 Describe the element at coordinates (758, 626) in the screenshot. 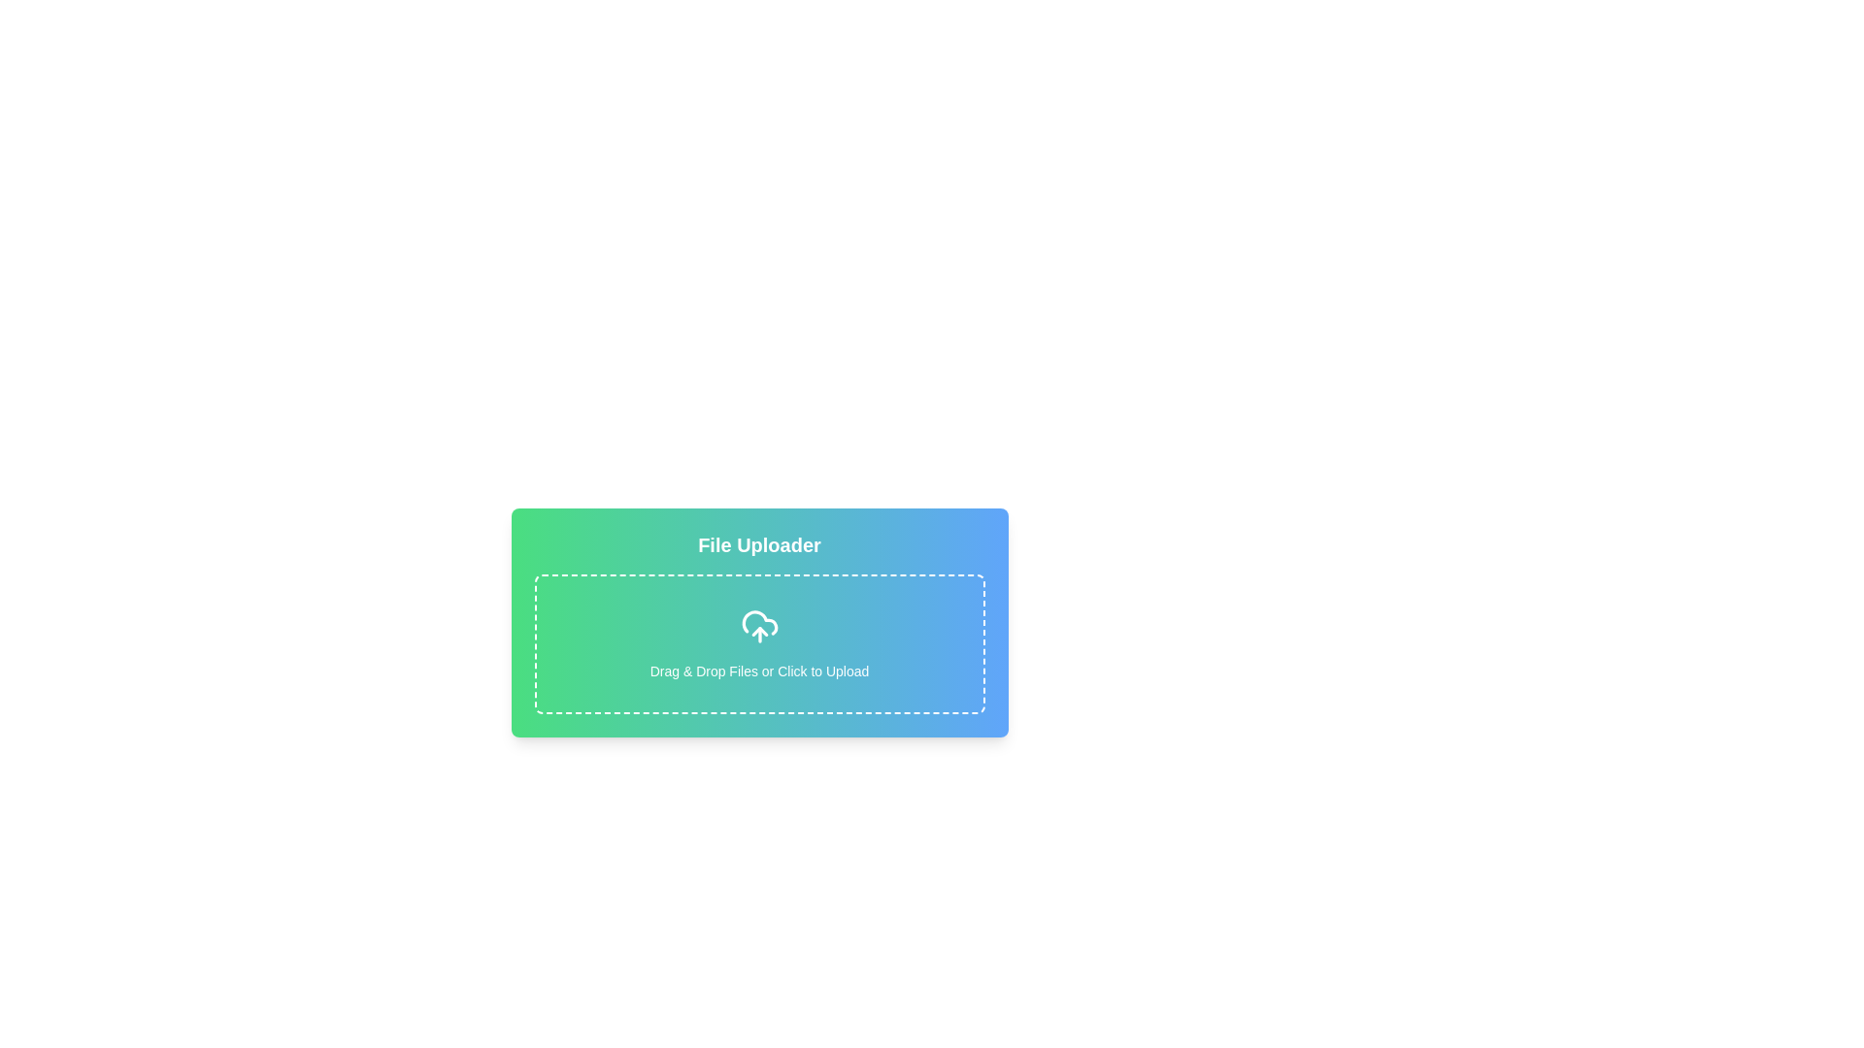

I see `the file upload icon located within the 'Drag & Drop Files or Click to Upload' widget, which is visually represented by a dotted rectangle transitioning from green to blue` at that location.